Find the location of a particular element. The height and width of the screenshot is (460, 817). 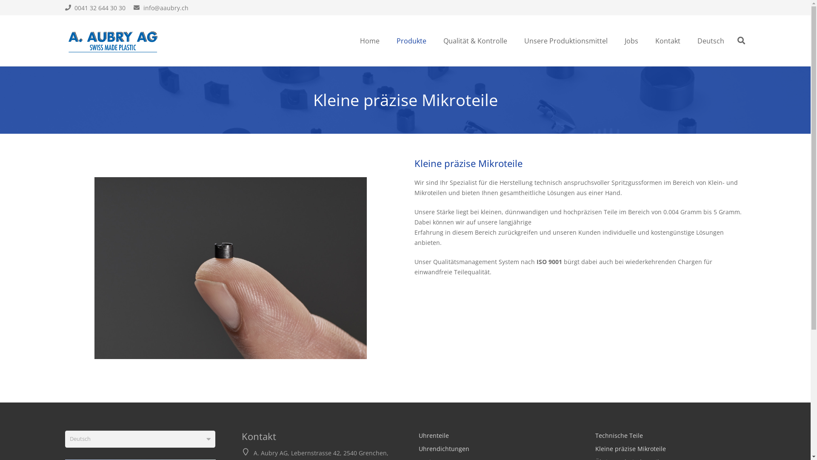

'Deutsch' is located at coordinates (64, 439).